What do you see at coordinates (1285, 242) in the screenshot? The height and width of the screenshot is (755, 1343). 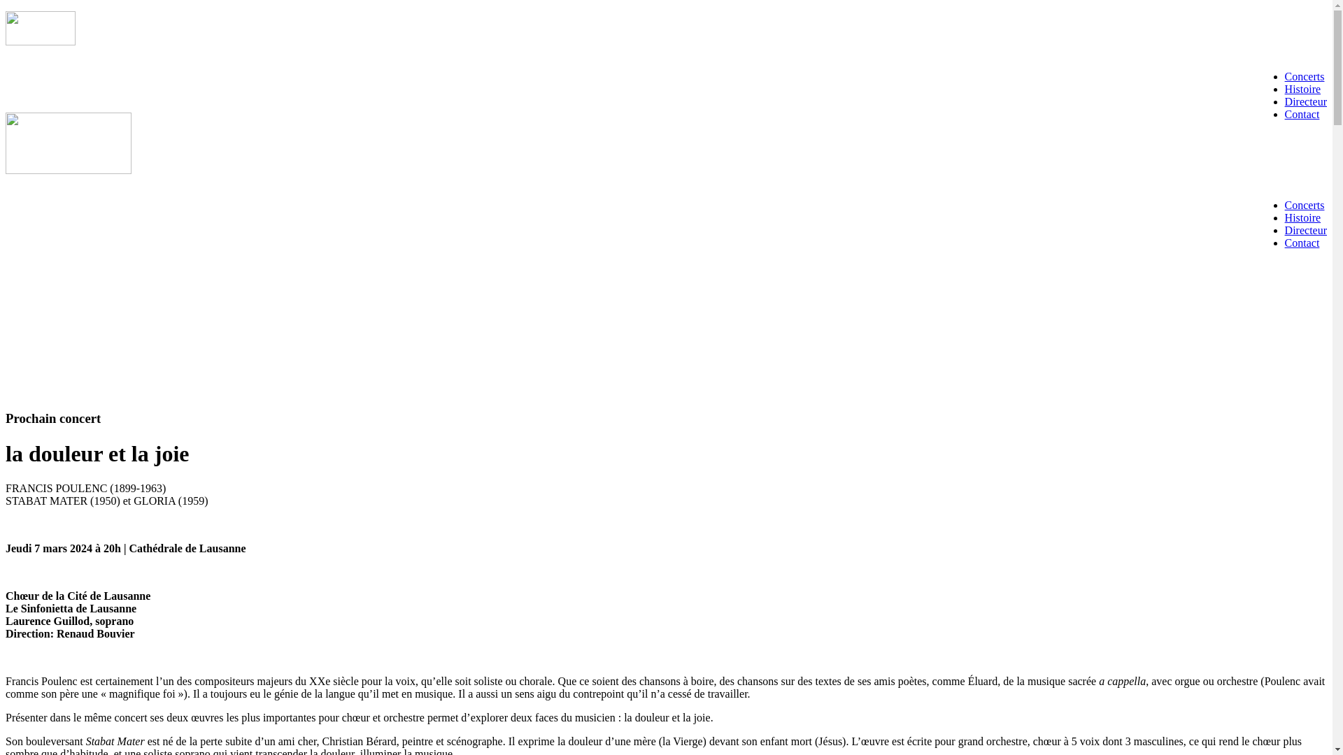 I see `'Contact'` at bounding box center [1285, 242].